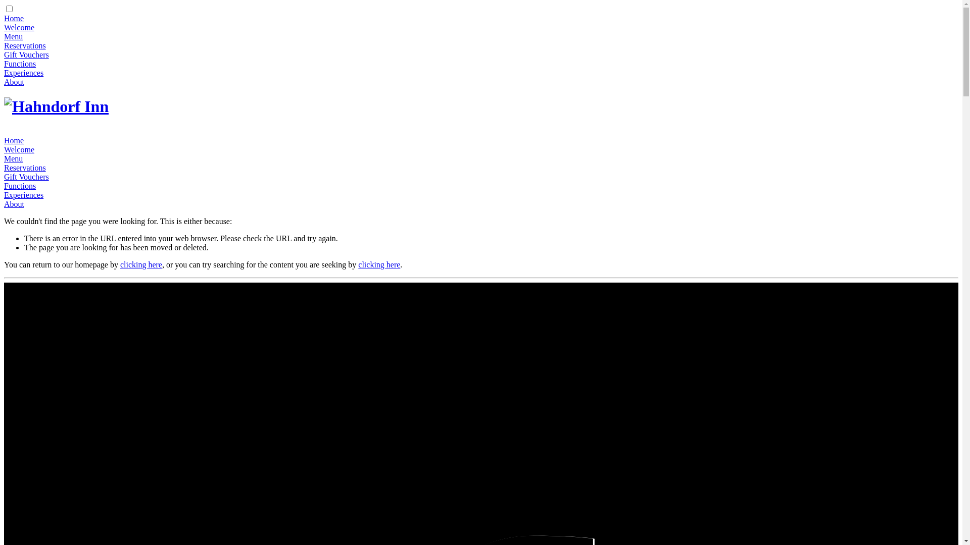  What do you see at coordinates (26, 54) in the screenshot?
I see `'Gift Vouchers'` at bounding box center [26, 54].